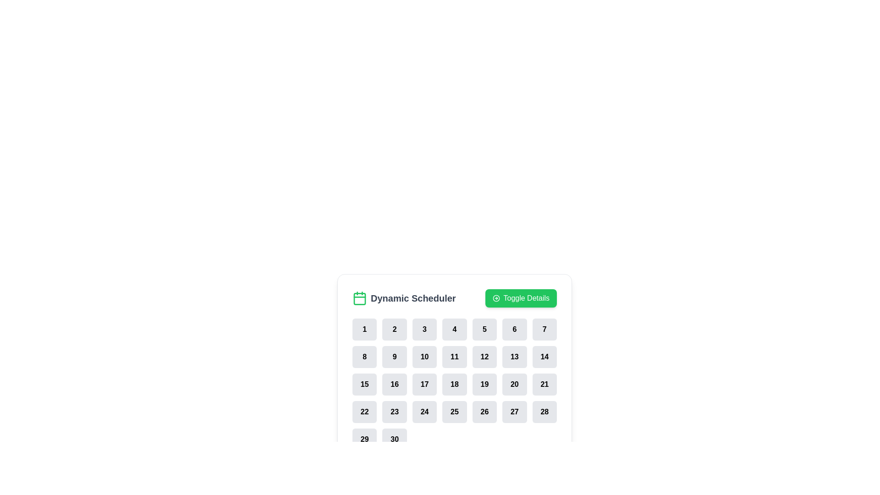 The height and width of the screenshot is (495, 880). What do you see at coordinates (412, 298) in the screenshot?
I see `the 'Dynamic Scheduler' text label element, which is displayed in bold, large font and is located to the right of a green calendar icon` at bounding box center [412, 298].